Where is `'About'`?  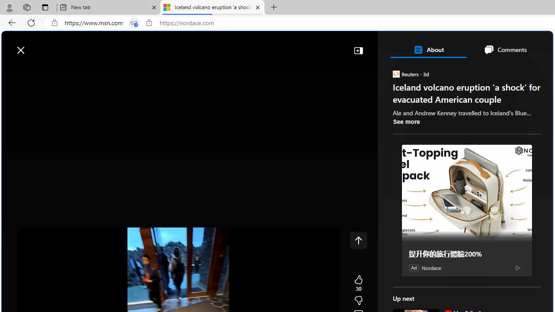 'About' is located at coordinates (428, 49).